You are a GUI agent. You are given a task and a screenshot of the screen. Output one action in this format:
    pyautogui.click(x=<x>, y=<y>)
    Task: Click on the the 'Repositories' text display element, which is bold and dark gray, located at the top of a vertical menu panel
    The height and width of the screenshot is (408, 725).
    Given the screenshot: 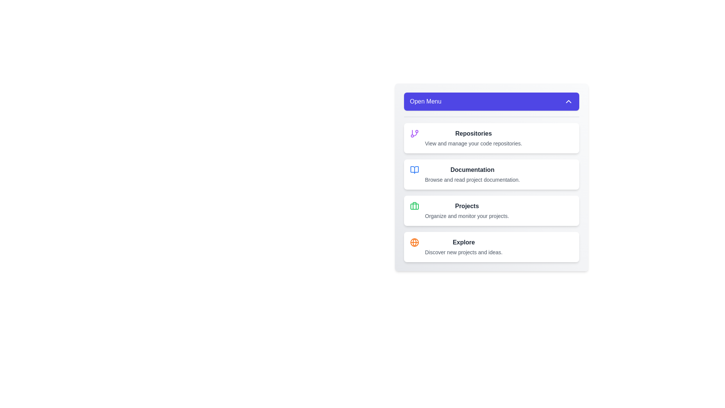 What is the action you would take?
    pyautogui.click(x=473, y=133)
    